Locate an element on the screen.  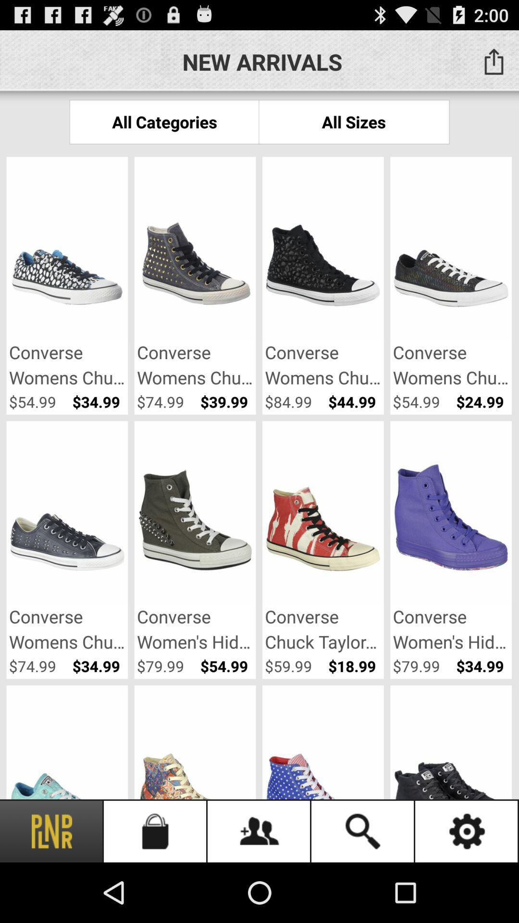
the second row first image is located at coordinates (66, 513).